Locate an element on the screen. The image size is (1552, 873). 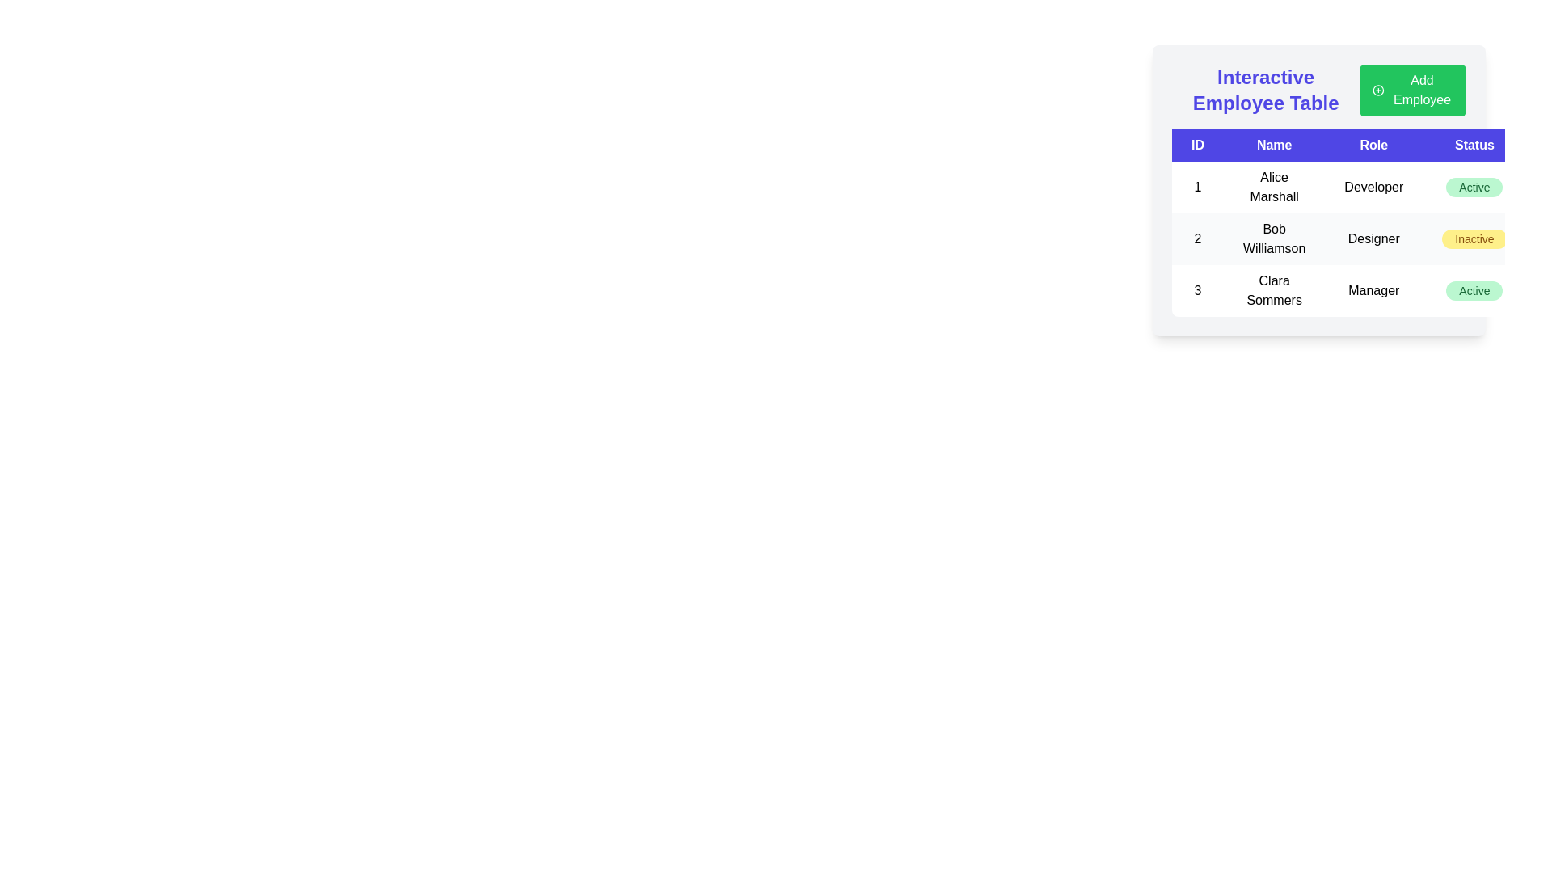
displayed text on the pill-shaped badge with a yellow background labeled 'Inactive', located in the second row of the 'Status' column corresponding to 'Bob Williamson' is located at coordinates (1474, 239).